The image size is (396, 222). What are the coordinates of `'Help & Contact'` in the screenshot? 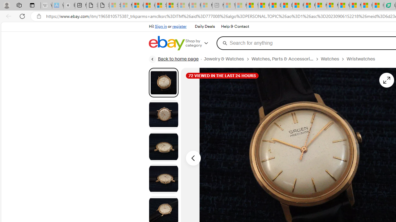 It's located at (235, 27).